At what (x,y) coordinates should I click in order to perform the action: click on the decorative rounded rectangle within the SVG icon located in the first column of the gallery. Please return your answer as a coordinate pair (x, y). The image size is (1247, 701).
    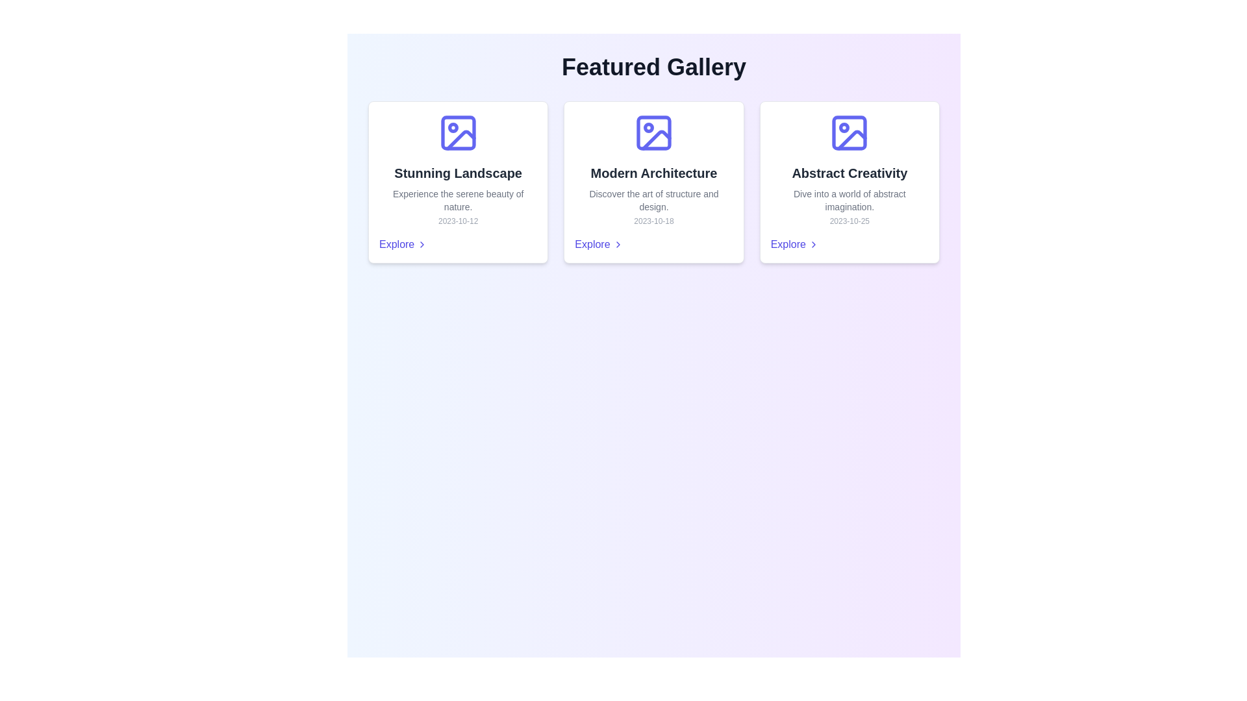
    Looking at the image, I should click on (458, 132).